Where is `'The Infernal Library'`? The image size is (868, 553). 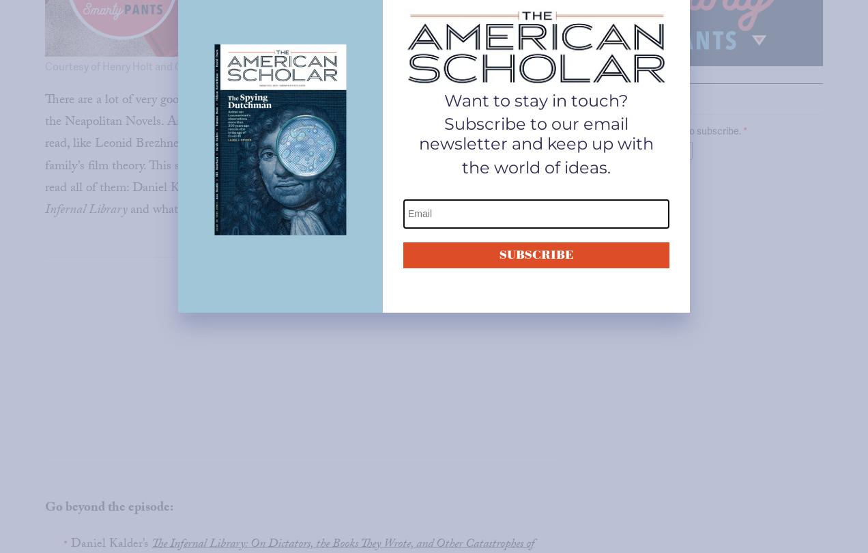
'The Infernal Library' is located at coordinates (289, 199).